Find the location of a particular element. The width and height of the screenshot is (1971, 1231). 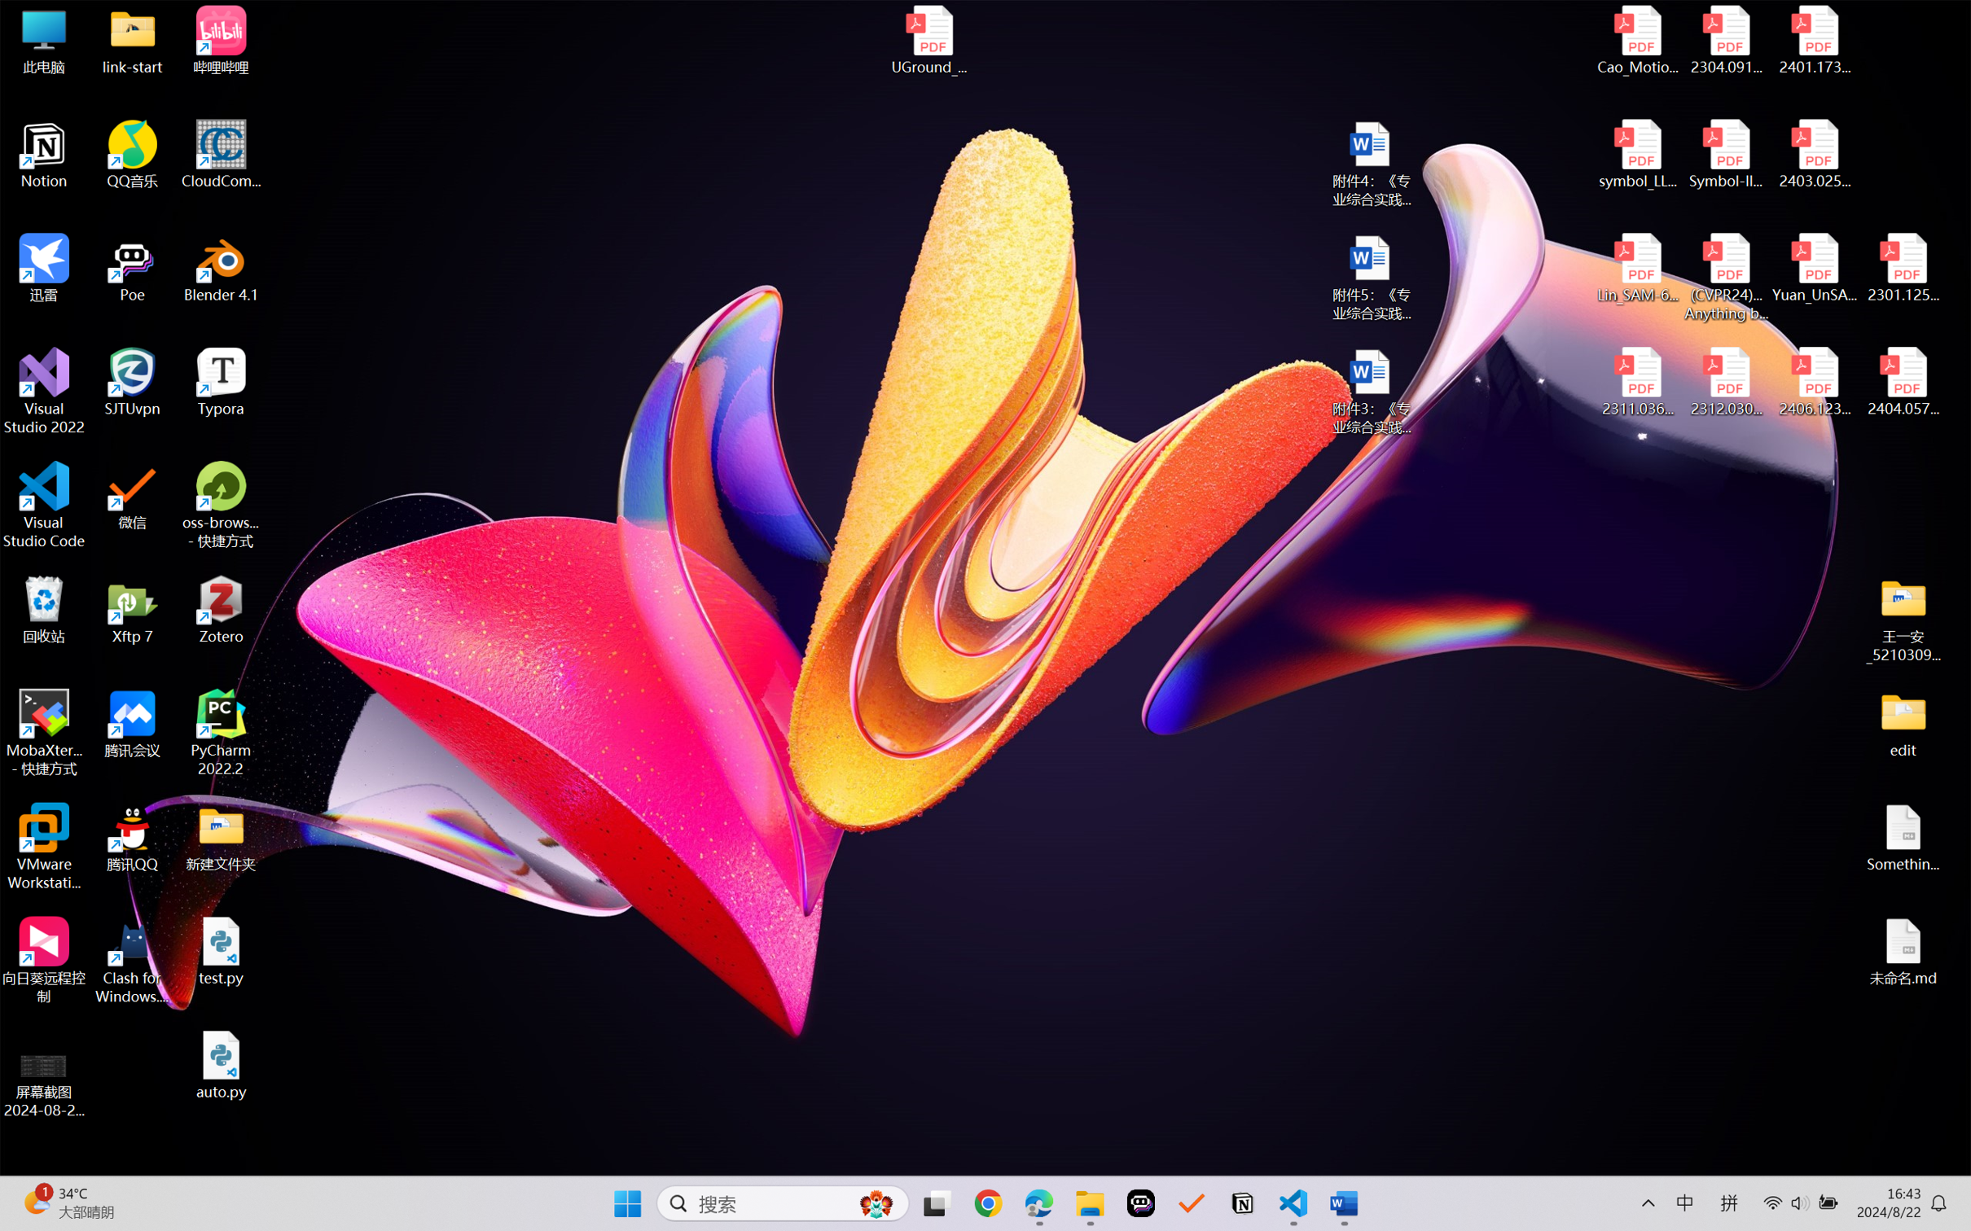

'2301.12597v3.pdf' is located at coordinates (1902, 267).